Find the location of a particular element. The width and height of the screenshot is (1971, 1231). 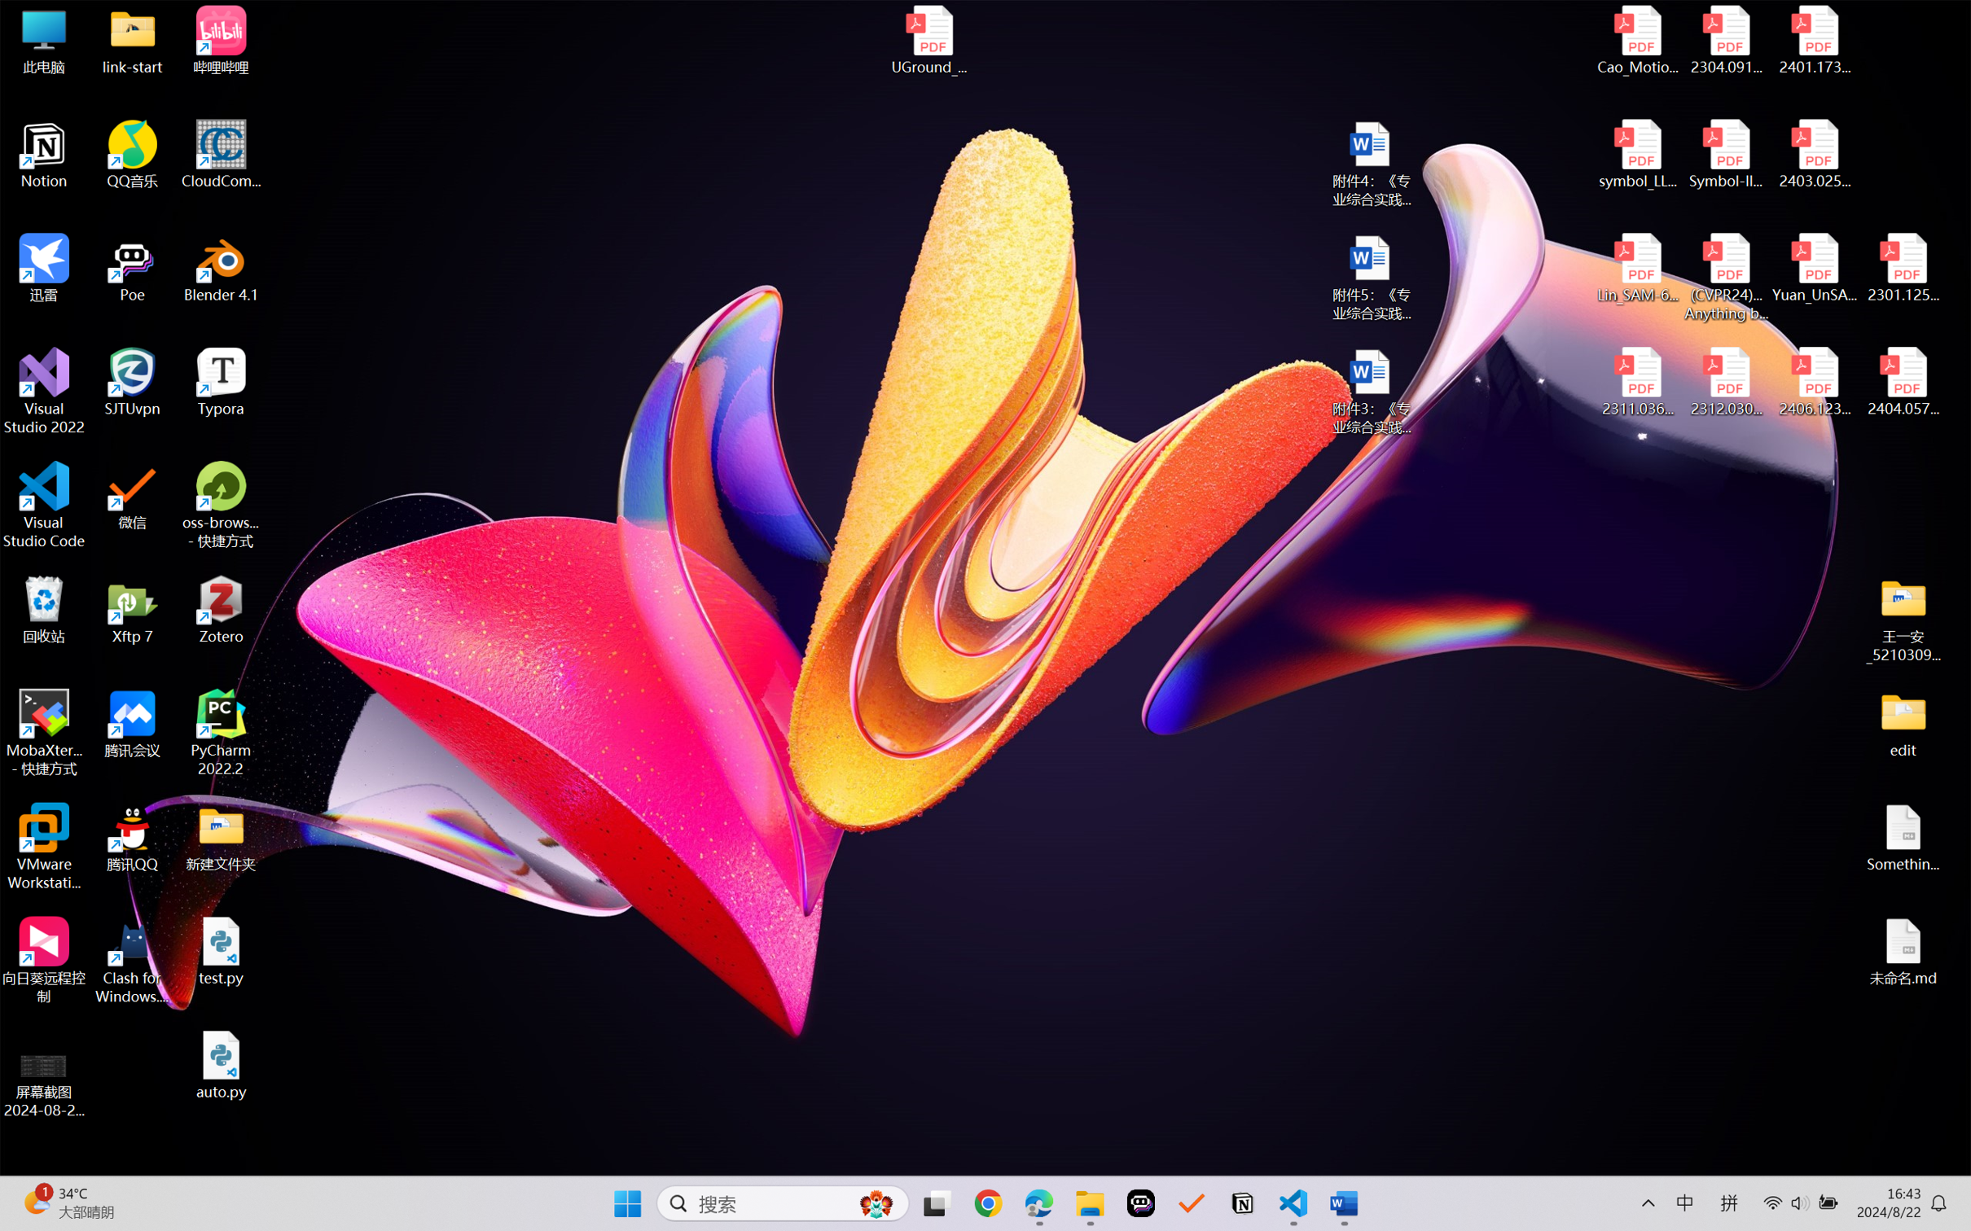

'2301.12597v3.pdf' is located at coordinates (1902, 267).